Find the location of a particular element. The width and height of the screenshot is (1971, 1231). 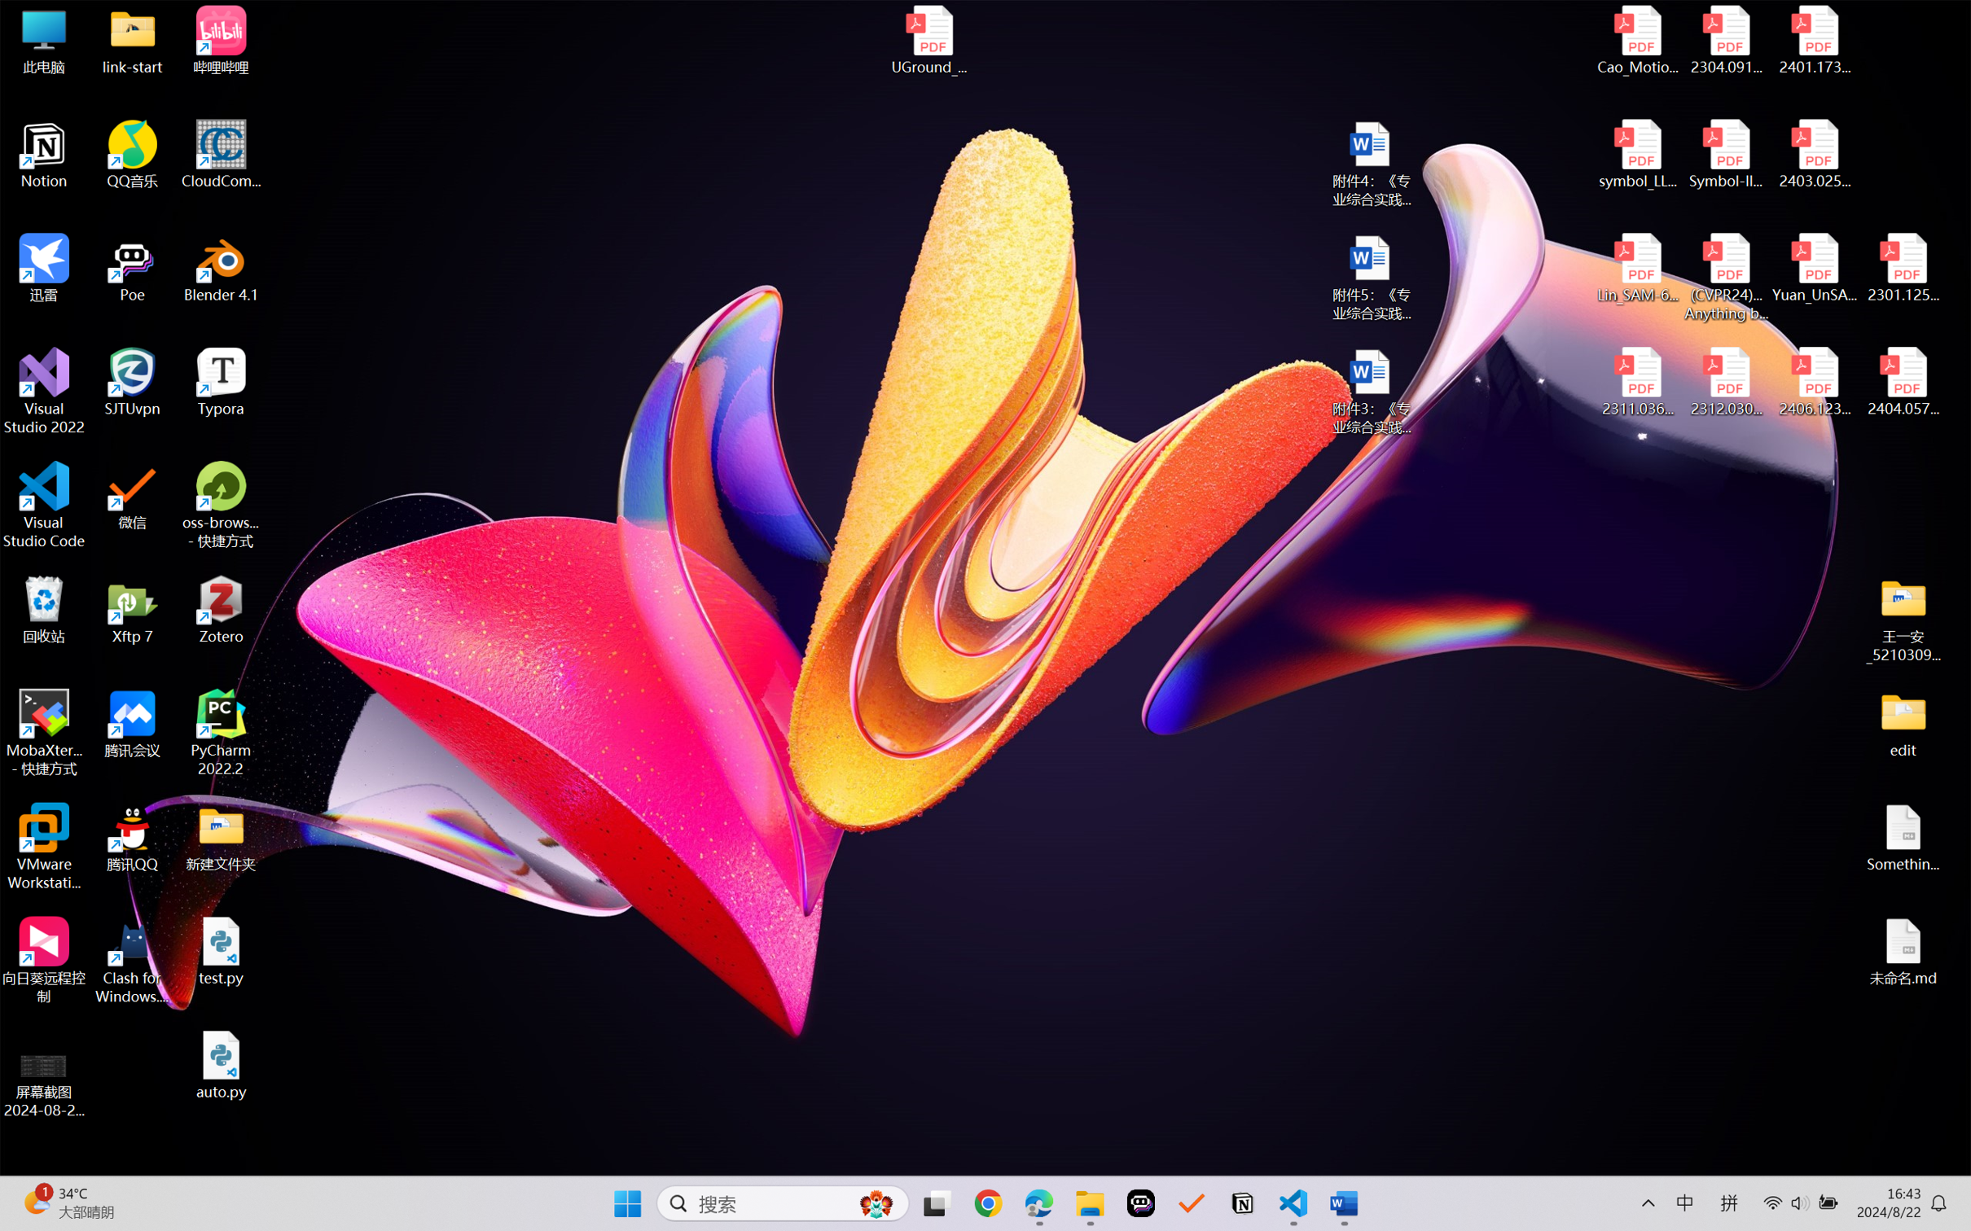

'2301.12597v3.pdf' is located at coordinates (1902, 267).